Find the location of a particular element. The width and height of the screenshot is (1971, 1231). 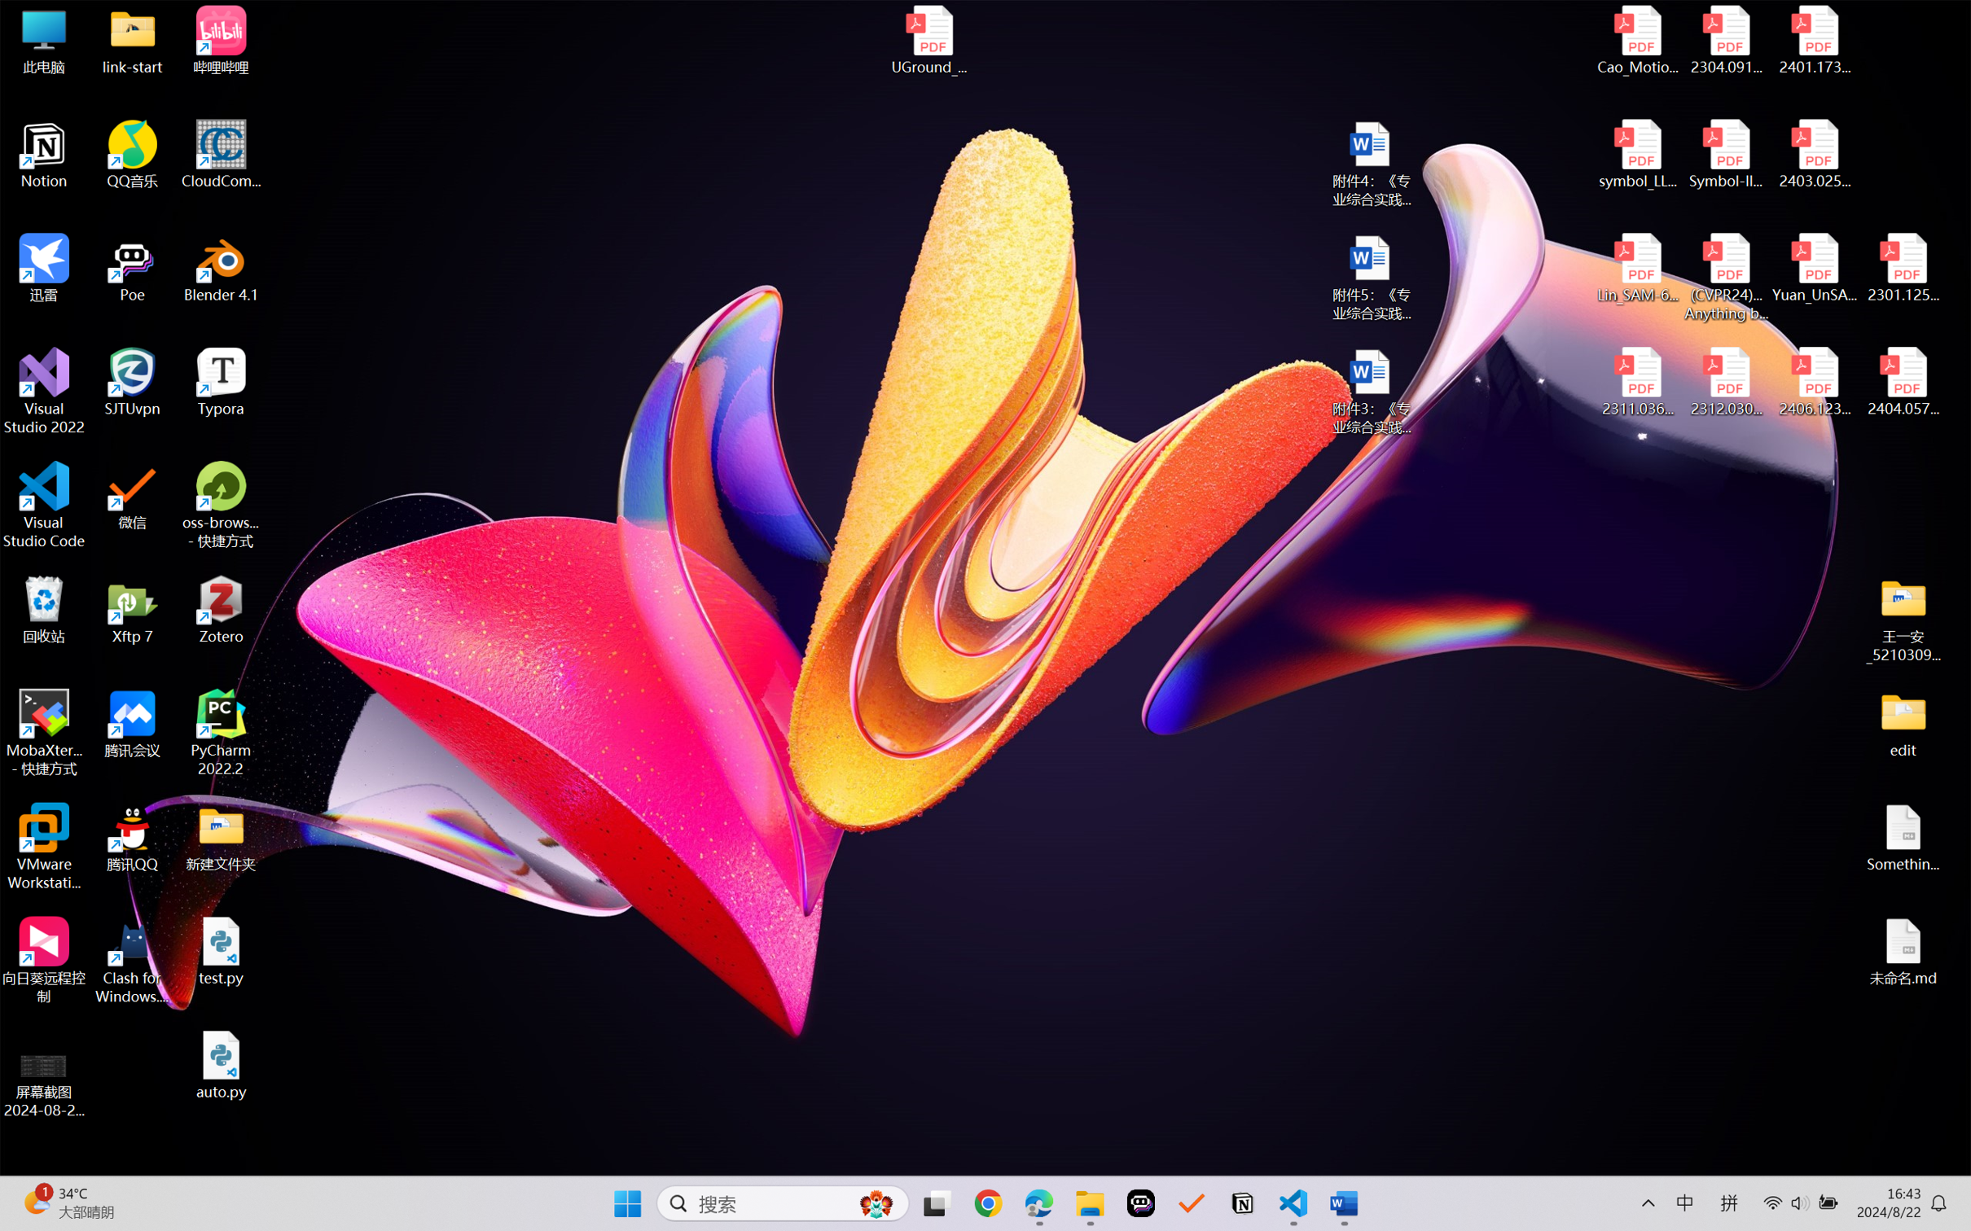

'2301.12597v3.pdf' is located at coordinates (1902, 267).